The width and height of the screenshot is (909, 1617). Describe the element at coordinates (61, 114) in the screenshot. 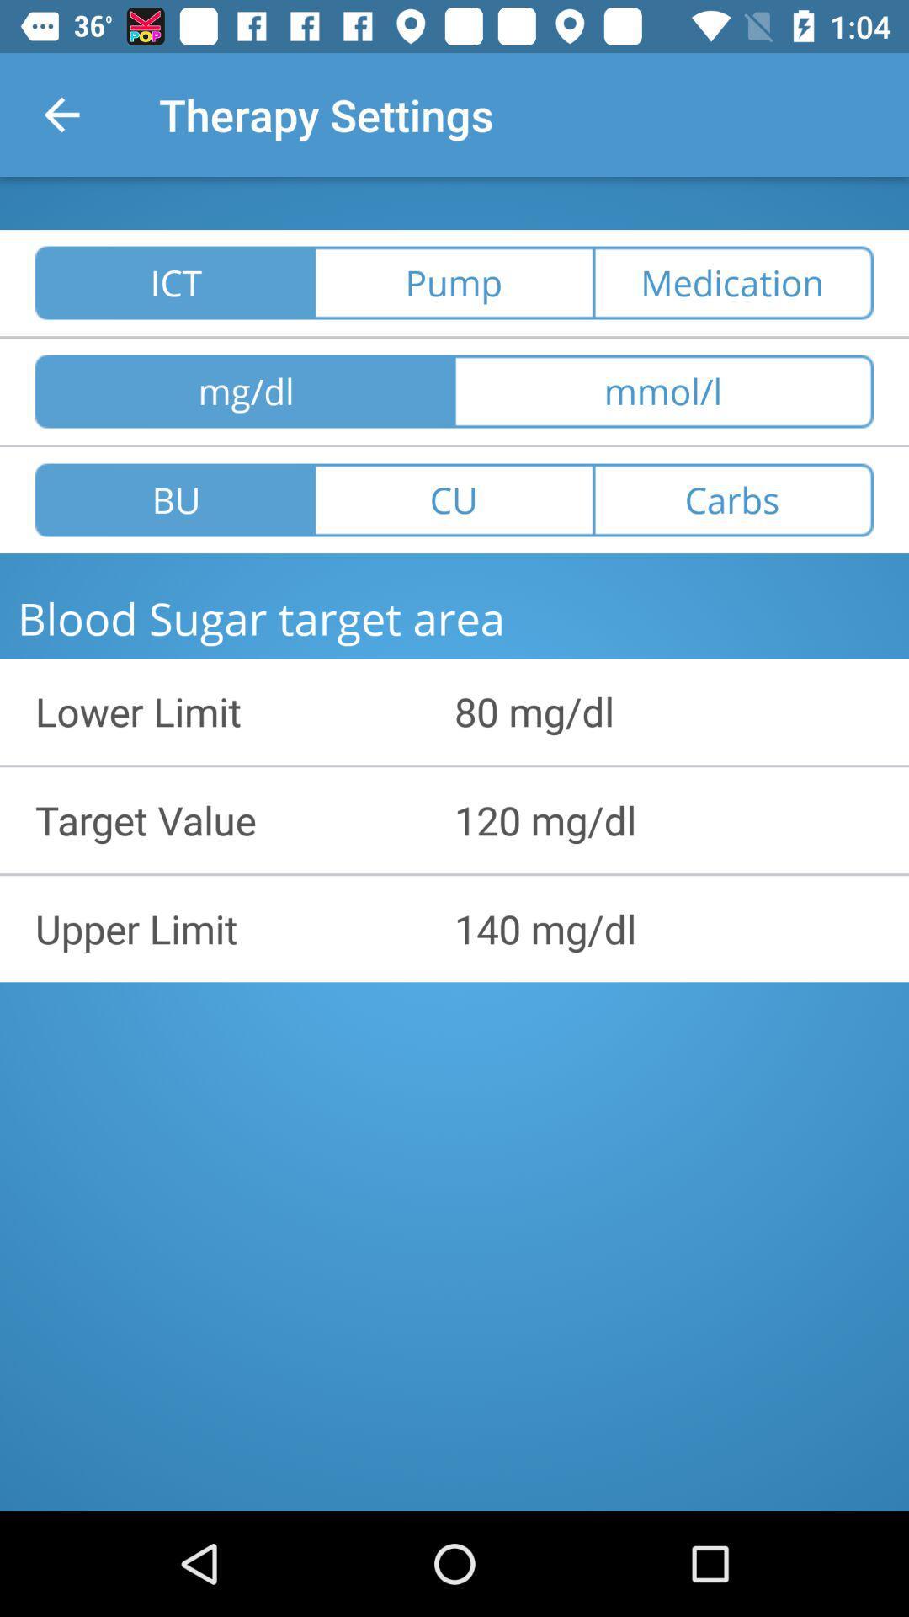

I see `the item next to the therapy settings icon` at that location.